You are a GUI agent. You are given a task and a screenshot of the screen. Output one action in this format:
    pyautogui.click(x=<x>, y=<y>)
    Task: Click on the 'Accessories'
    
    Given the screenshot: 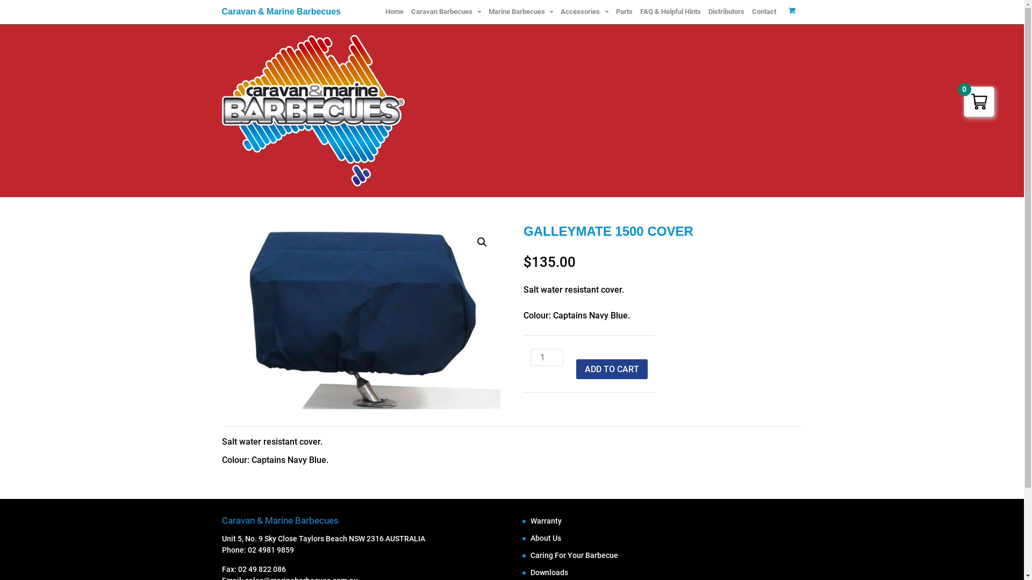 What is the action you would take?
    pyautogui.click(x=583, y=12)
    